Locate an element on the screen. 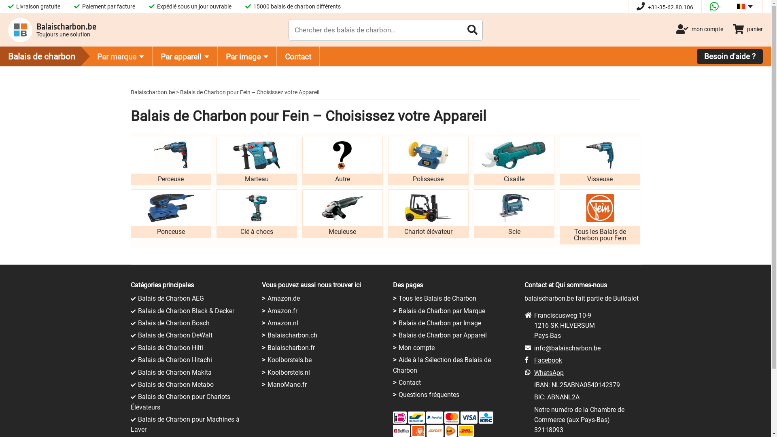 This screenshot has width=777, height=437. 'Balais de Charbon Bosch' is located at coordinates (173, 322).